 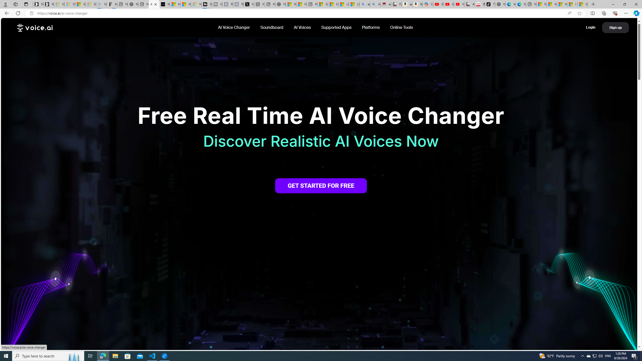 I want to click on 'TikTok', so click(x=490, y=4).